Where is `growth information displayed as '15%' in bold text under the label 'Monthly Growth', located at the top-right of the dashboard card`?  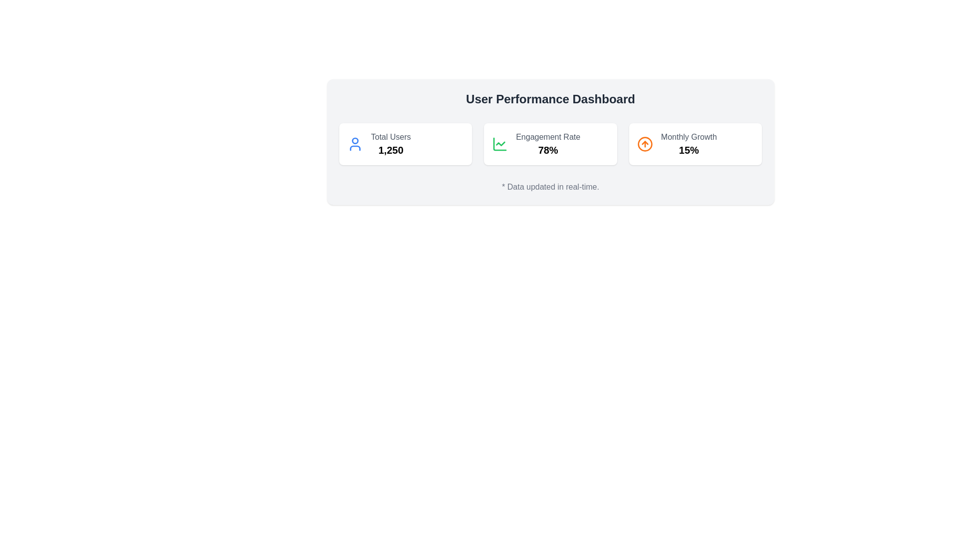
growth information displayed as '15%' in bold text under the label 'Monthly Growth', located at the top-right of the dashboard card is located at coordinates (688, 144).